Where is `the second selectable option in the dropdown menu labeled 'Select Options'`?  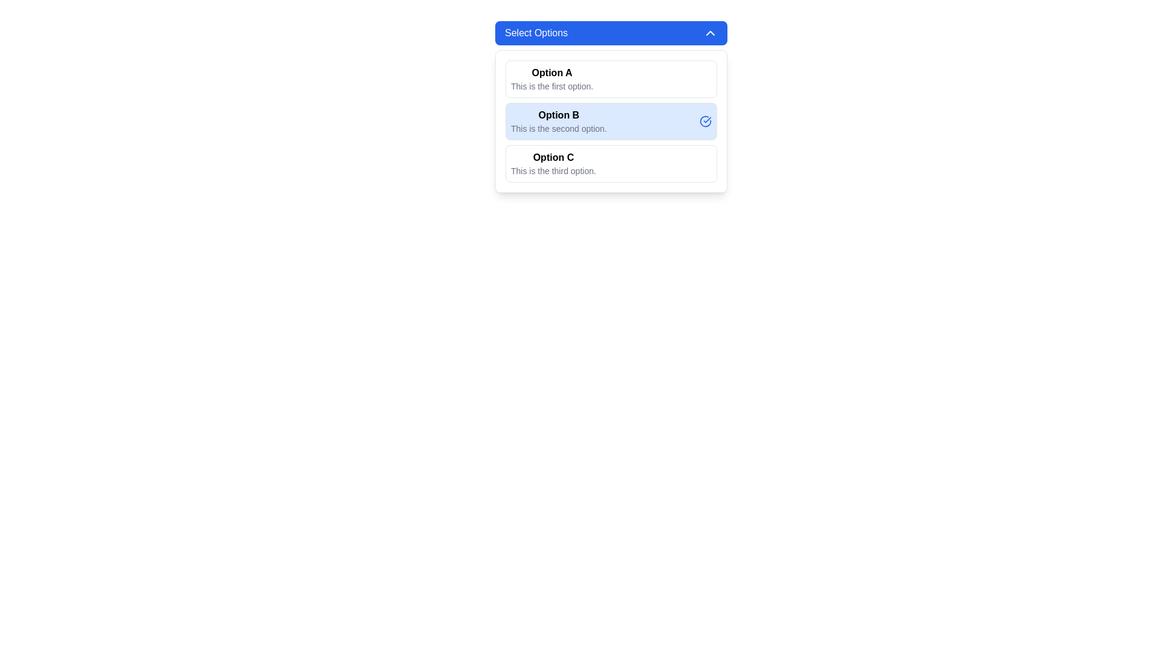
the second selectable option in the dropdown menu labeled 'Select Options' is located at coordinates (611, 121).